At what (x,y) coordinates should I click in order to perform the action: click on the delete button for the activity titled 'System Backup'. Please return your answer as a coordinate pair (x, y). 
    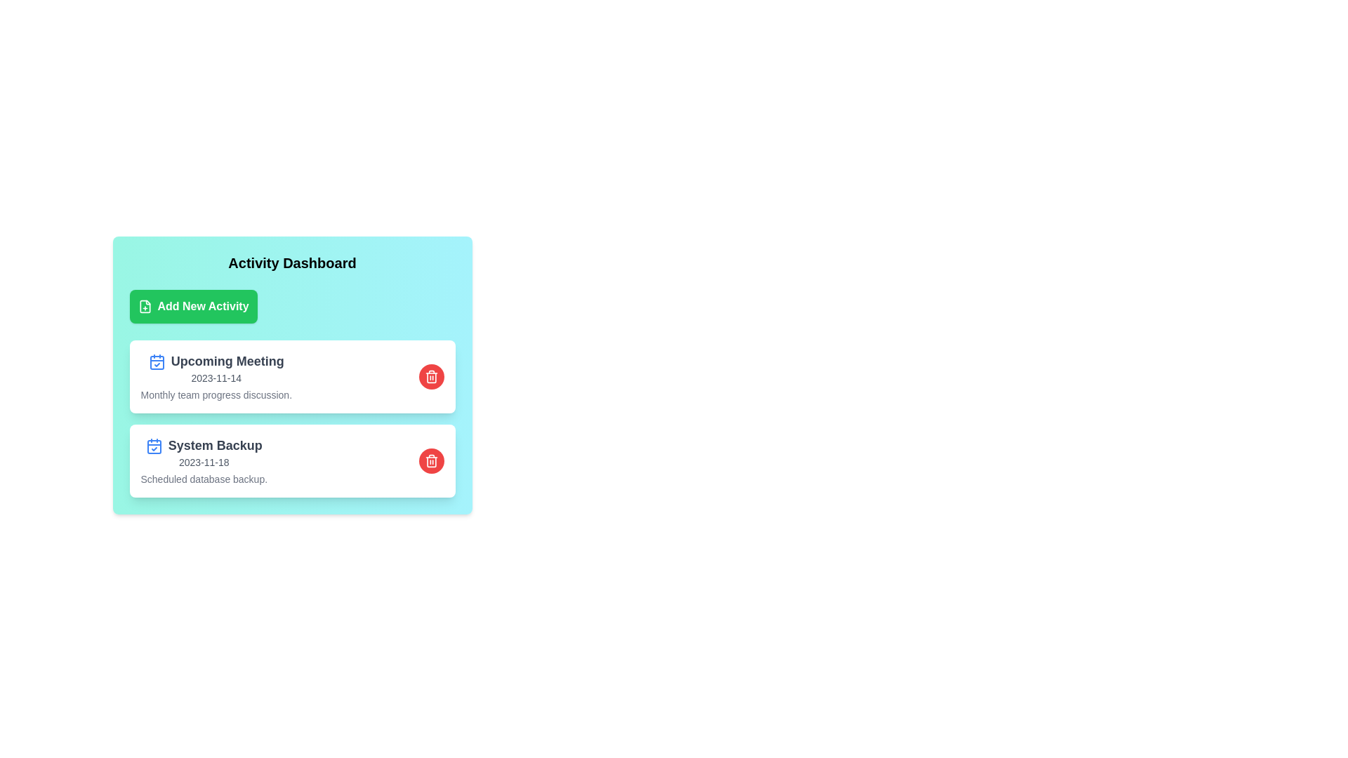
    Looking at the image, I should click on (430, 460).